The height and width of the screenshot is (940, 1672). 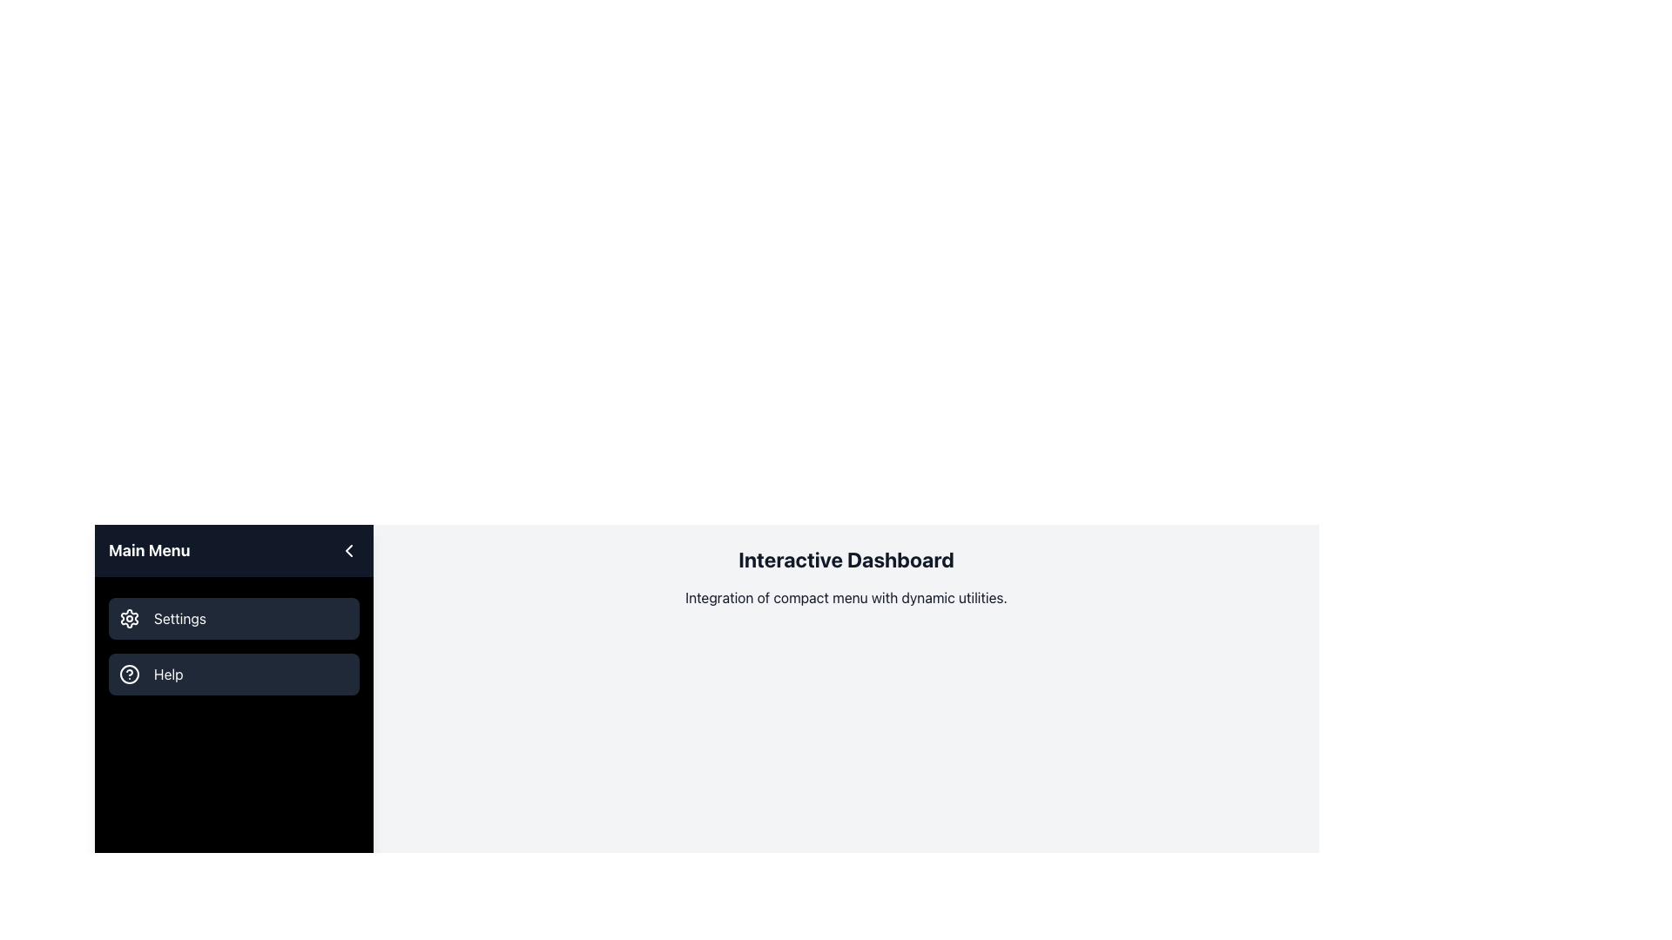 What do you see at coordinates (128, 617) in the screenshot?
I see `the gear-shaped settings icon located in the left sidebar of the interface, positioned to the left of the 'Settings' label in the 'Main Menu' section` at bounding box center [128, 617].